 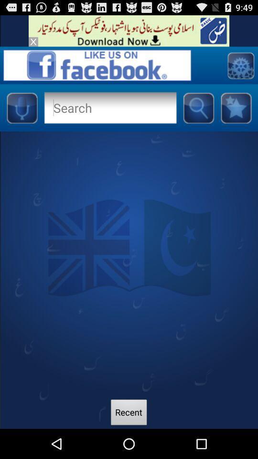 I want to click on open advertisements, so click(x=129, y=31).